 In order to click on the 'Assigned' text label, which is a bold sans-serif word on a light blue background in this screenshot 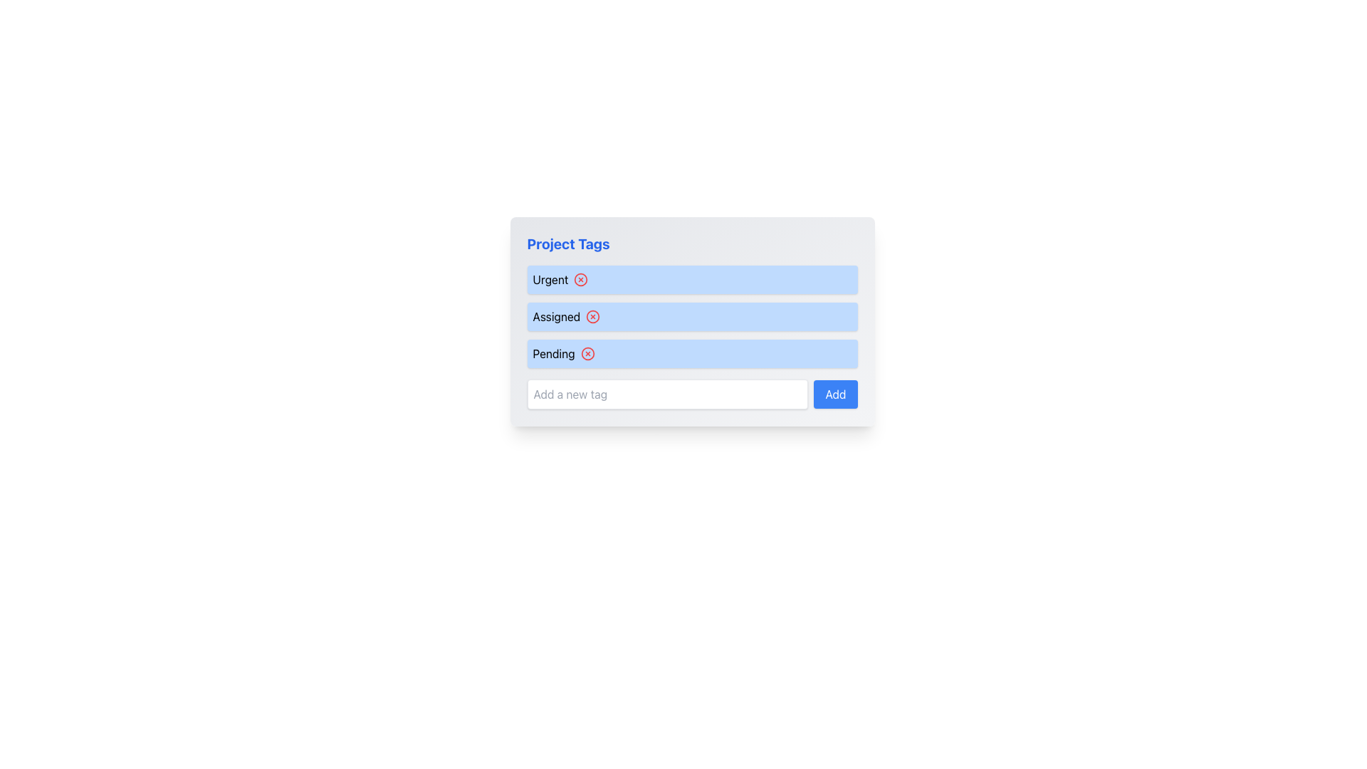, I will do `click(555, 315)`.